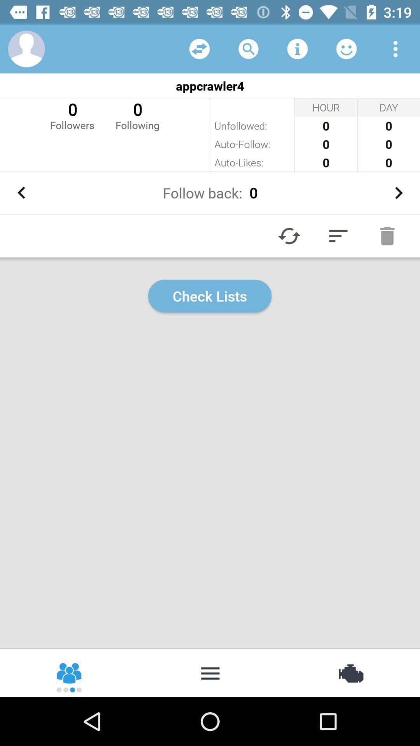 Image resolution: width=420 pixels, height=746 pixels. I want to click on item at the bottom right corner, so click(350, 672).